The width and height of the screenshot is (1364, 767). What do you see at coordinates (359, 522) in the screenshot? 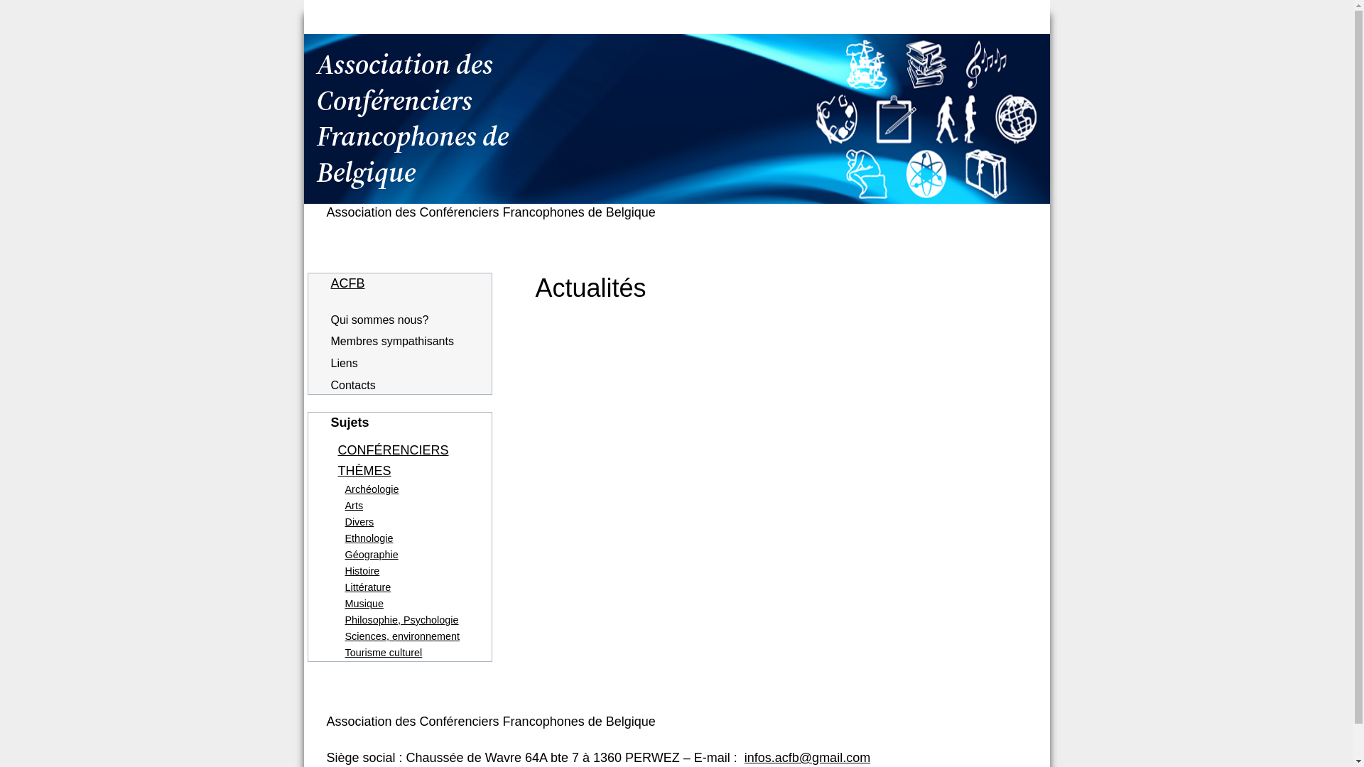
I see `'Divers'` at bounding box center [359, 522].